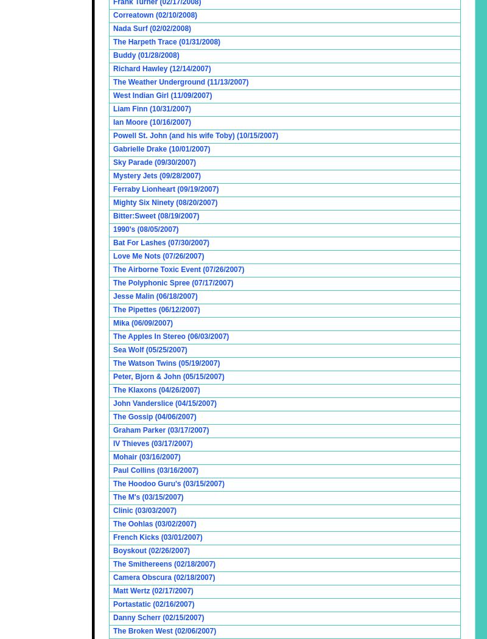  I want to click on 'The Klaxons (04/26/2007)', so click(113, 389).